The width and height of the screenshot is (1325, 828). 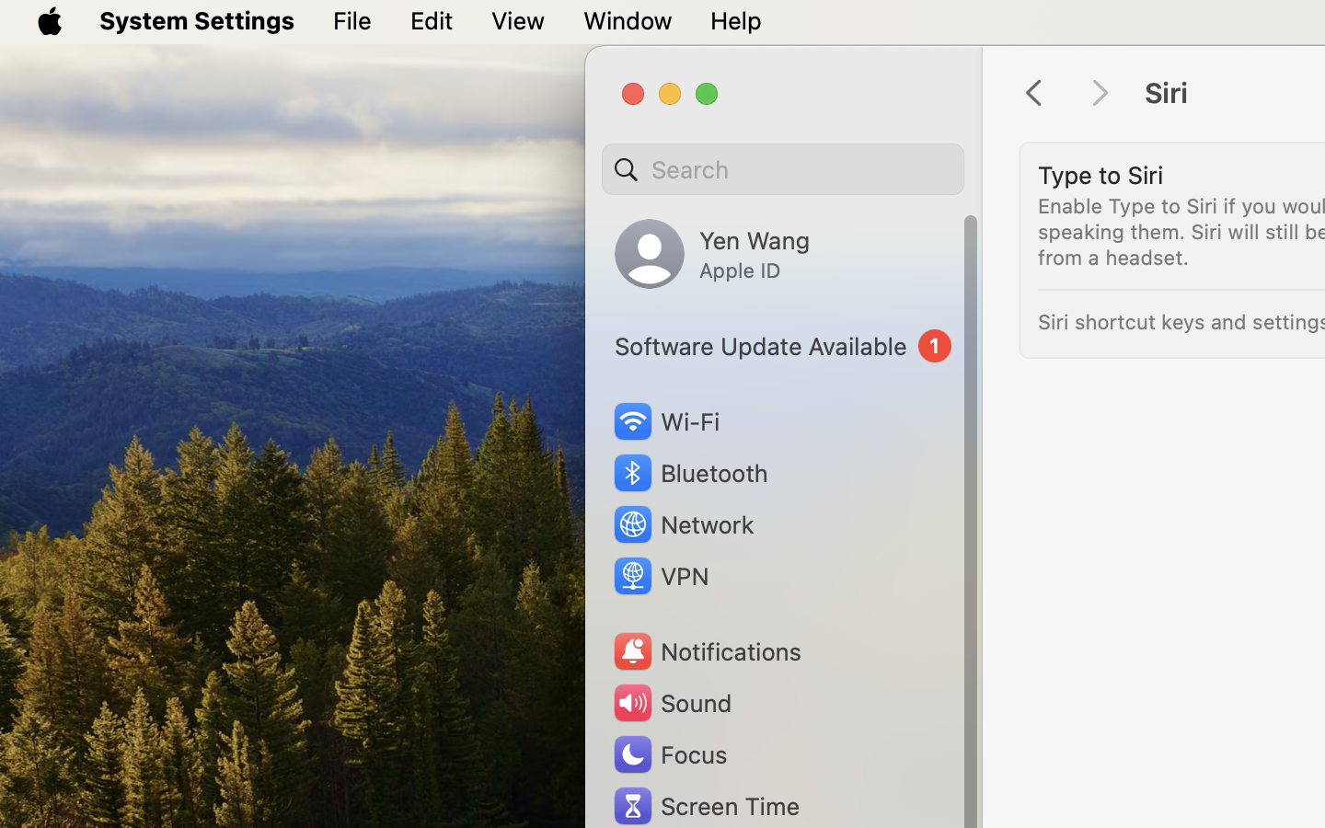 What do you see at coordinates (682, 523) in the screenshot?
I see `'Network'` at bounding box center [682, 523].